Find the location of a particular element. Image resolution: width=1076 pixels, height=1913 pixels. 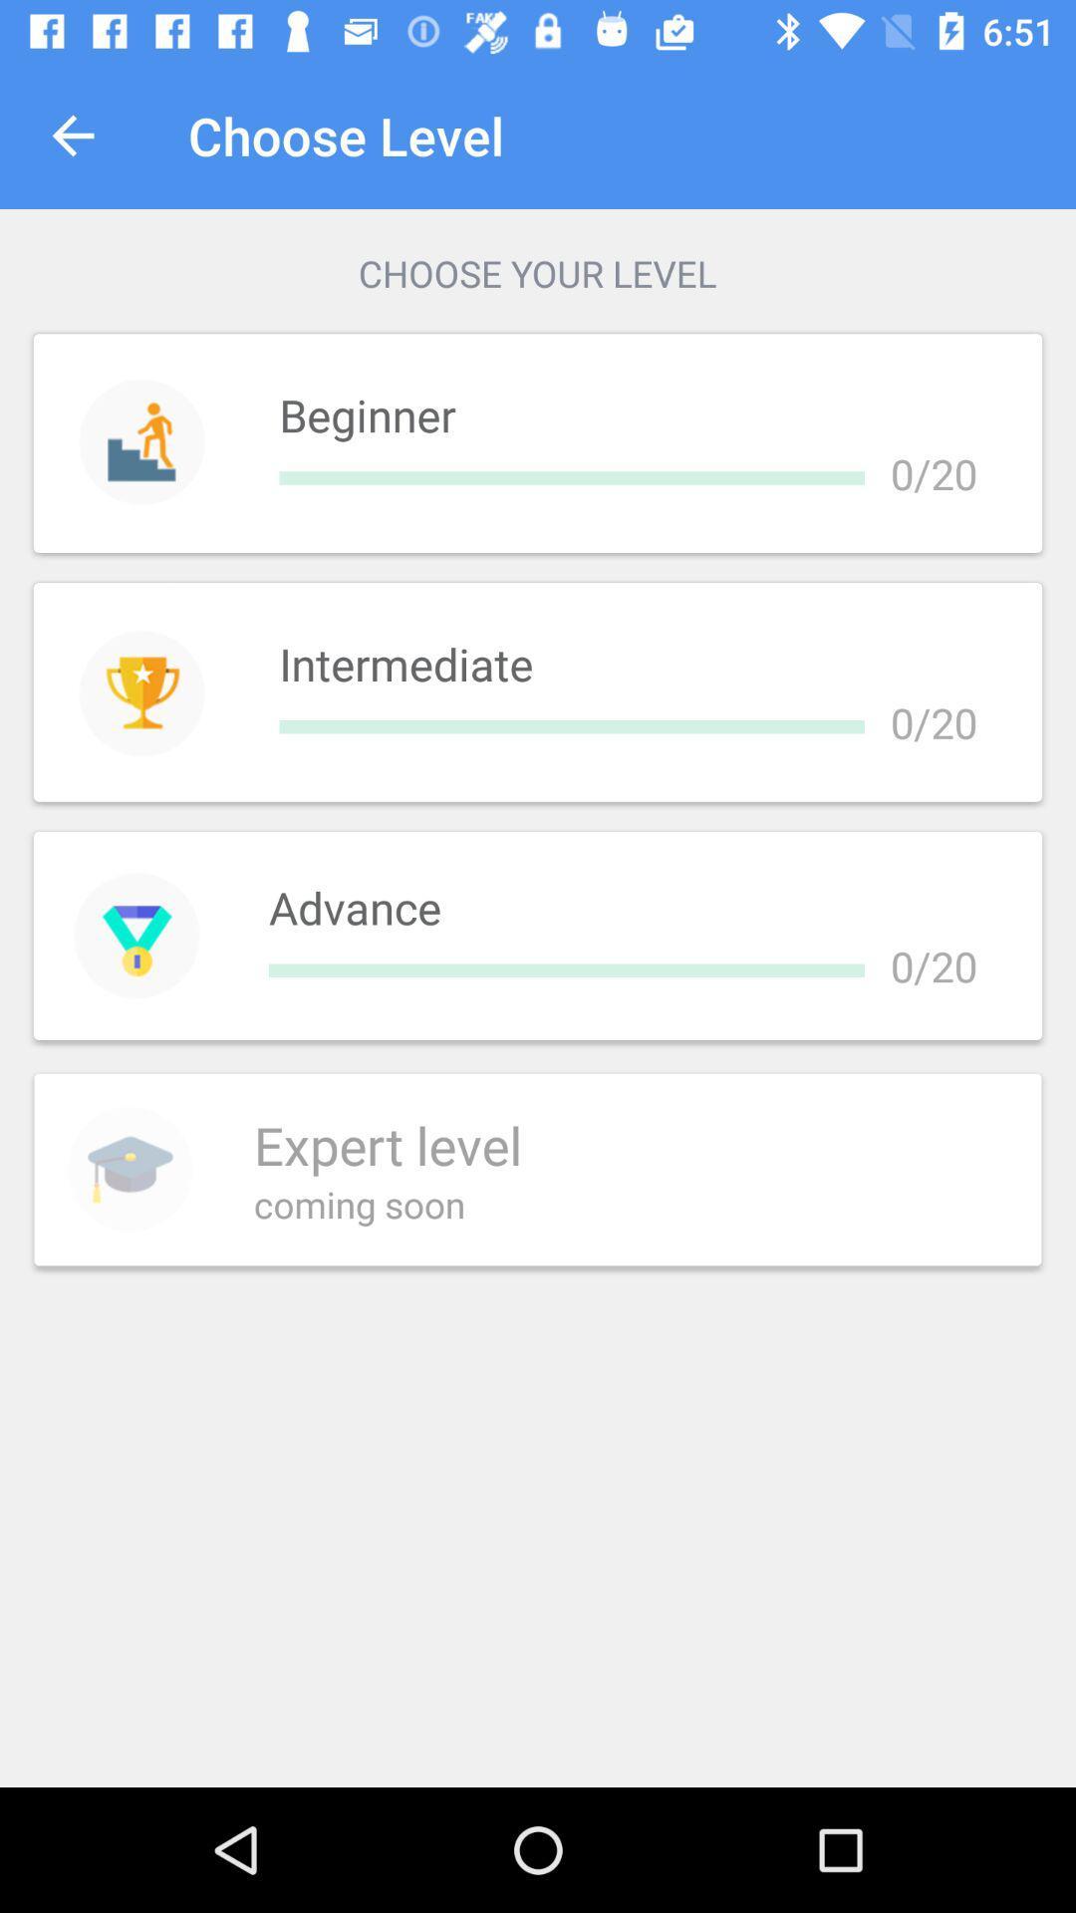

the item to the left of choose level icon is located at coordinates (72, 135).